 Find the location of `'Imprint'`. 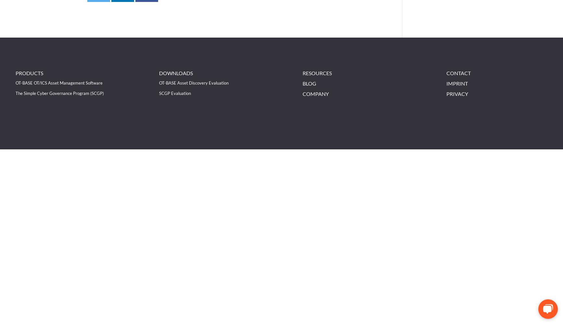

'Imprint' is located at coordinates (456, 83).